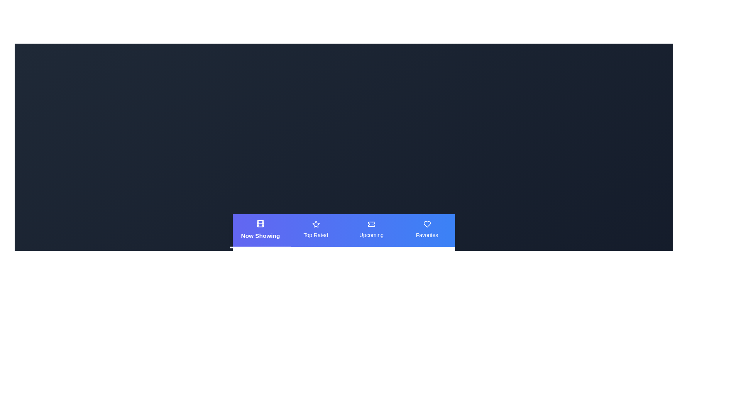 Image resolution: width=741 pixels, height=417 pixels. I want to click on text label indicating the navigation option for currently available or featured content, positioned below the film strip icon in the bottom navigation bar, so click(260, 235).